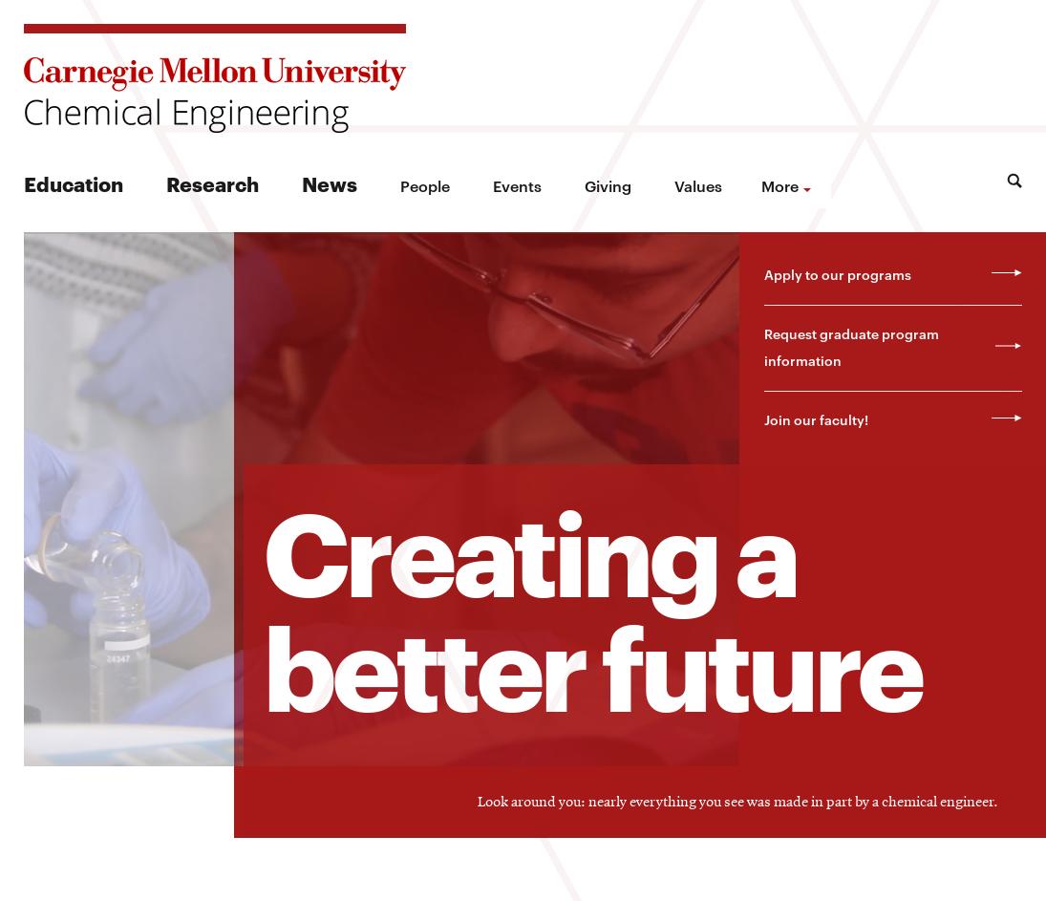 The height and width of the screenshot is (901, 1046). What do you see at coordinates (814, 418) in the screenshot?
I see `'Join our faculty!'` at bounding box center [814, 418].